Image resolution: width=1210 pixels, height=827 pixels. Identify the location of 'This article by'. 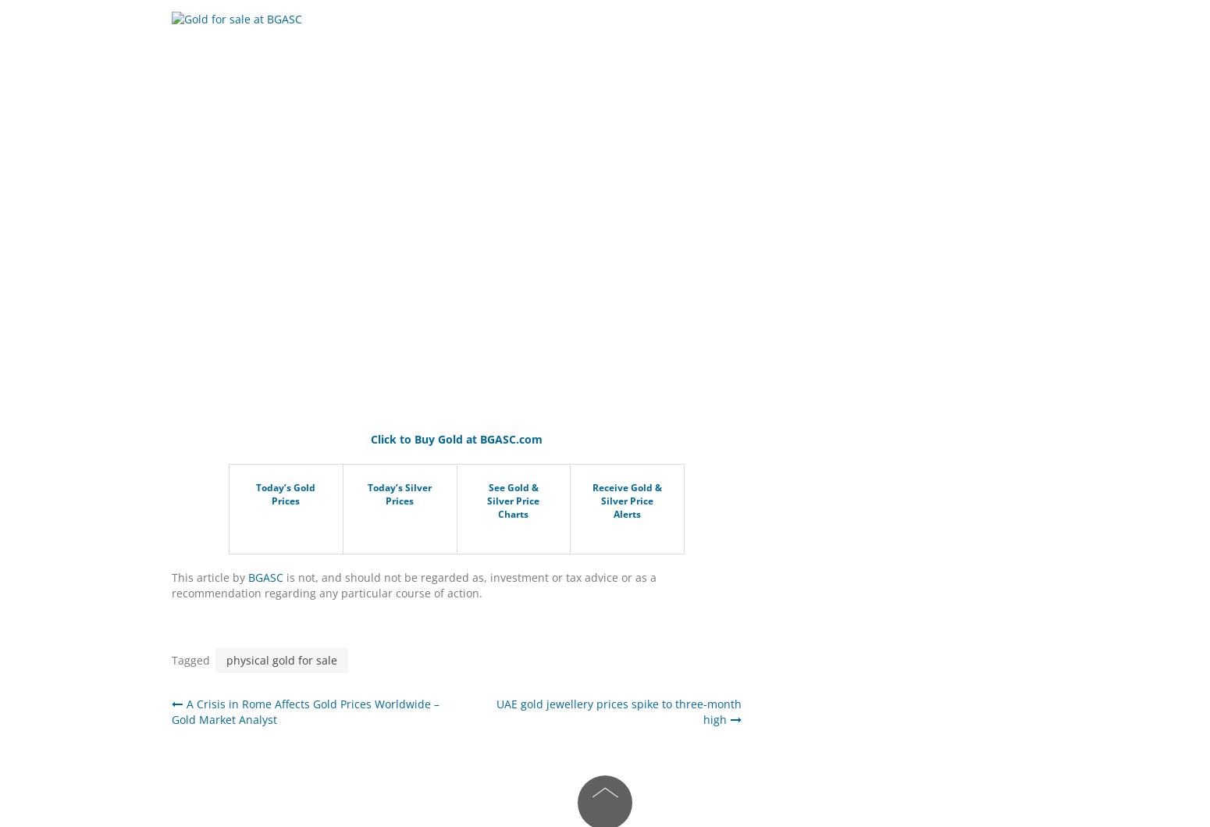
(209, 577).